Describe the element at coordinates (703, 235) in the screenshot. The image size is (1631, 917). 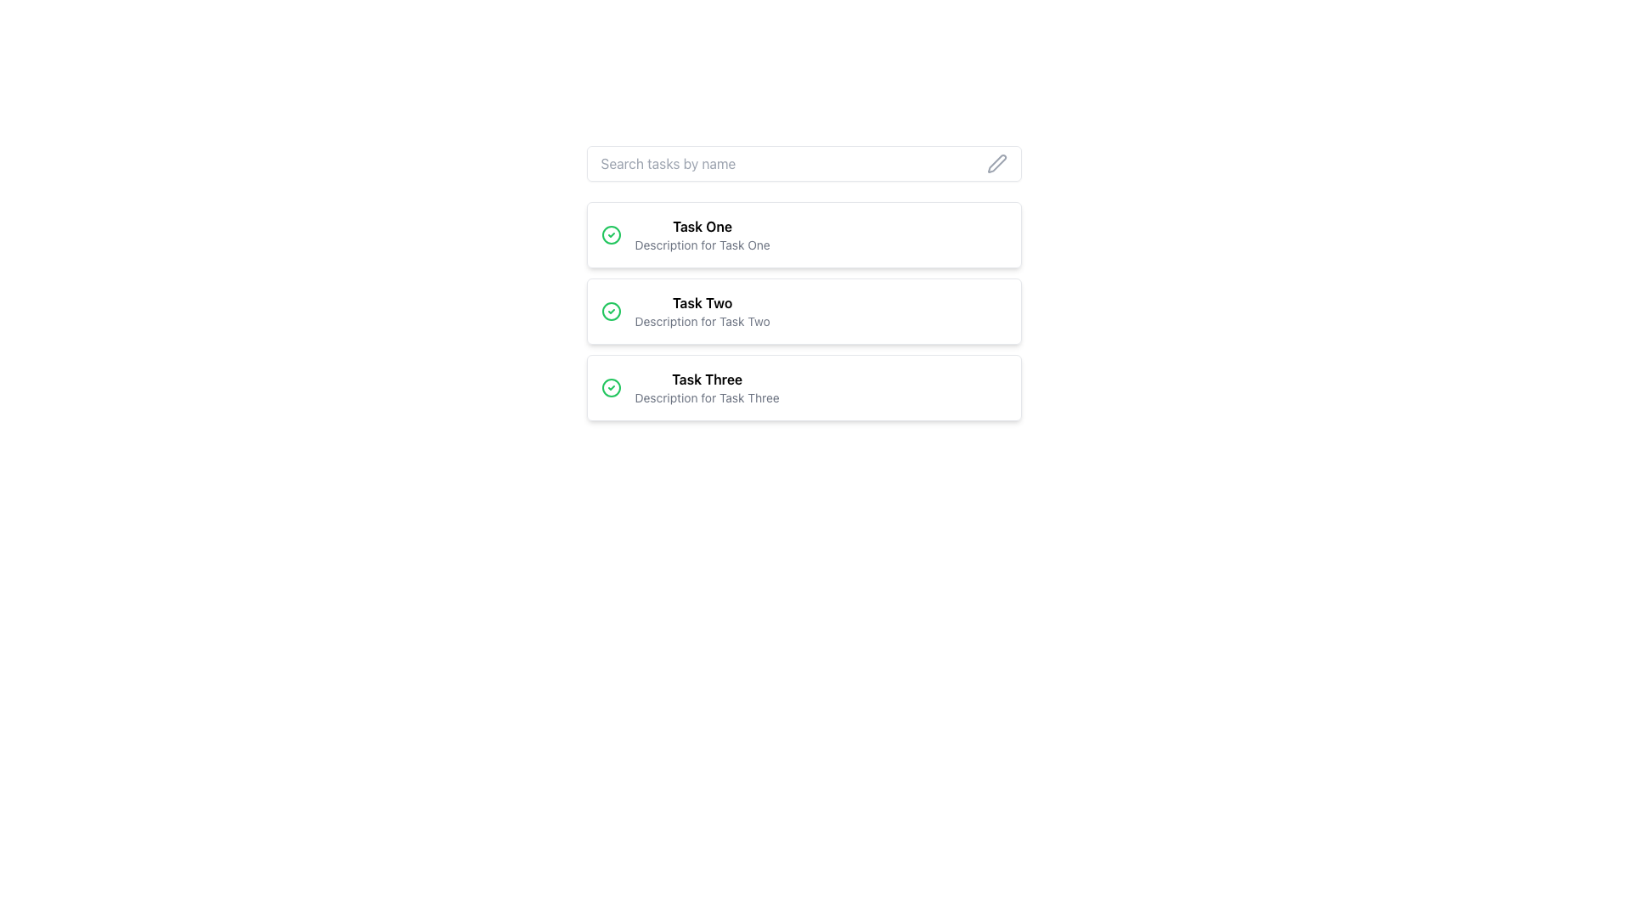
I see `text content of the Text Block element titled 'Task One', which includes the description 'Description for Task One'` at that location.